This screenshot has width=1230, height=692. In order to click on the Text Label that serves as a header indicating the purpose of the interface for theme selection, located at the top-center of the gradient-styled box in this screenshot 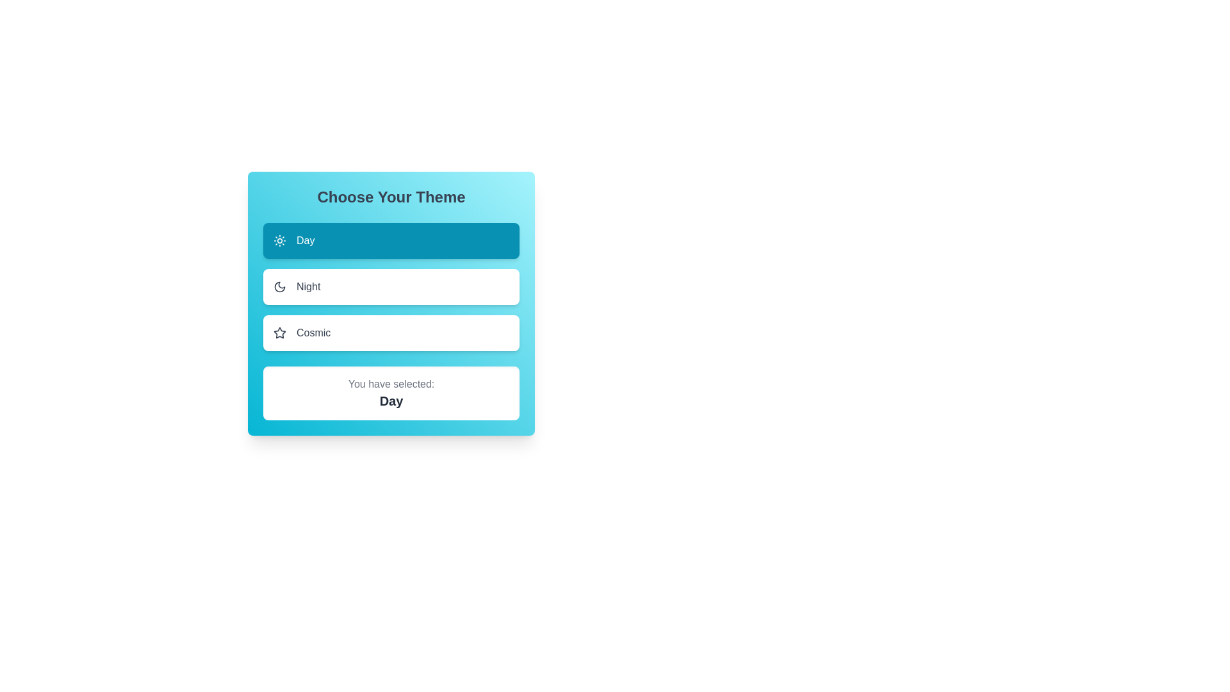, I will do `click(390, 197)`.